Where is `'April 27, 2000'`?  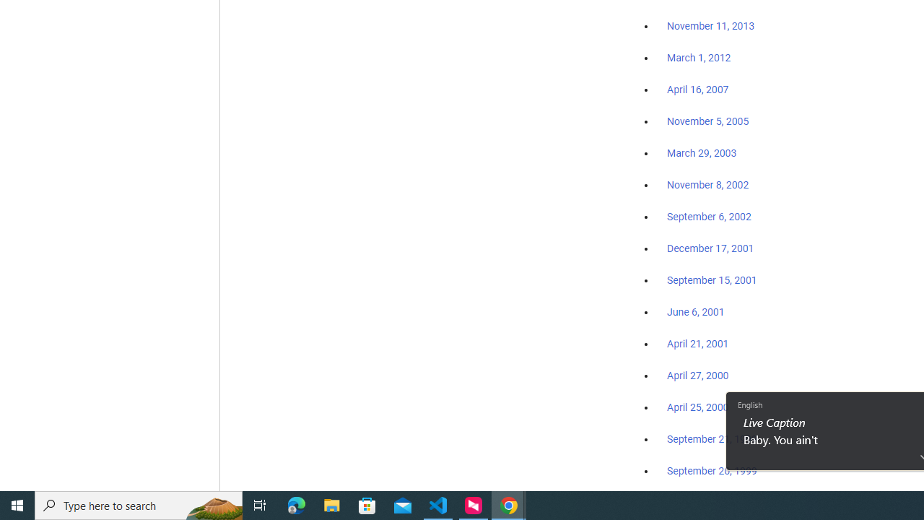
'April 27, 2000' is located at coordinates (698, 375).